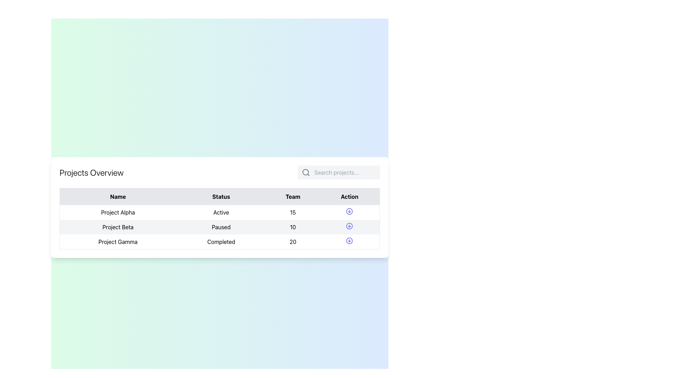 The image size is (673, 378). I want to click on bold text 'Team' located in the third column header of the table, which has a light gray background and is positioned between 'Status' and 'Action', so click(293, 196).